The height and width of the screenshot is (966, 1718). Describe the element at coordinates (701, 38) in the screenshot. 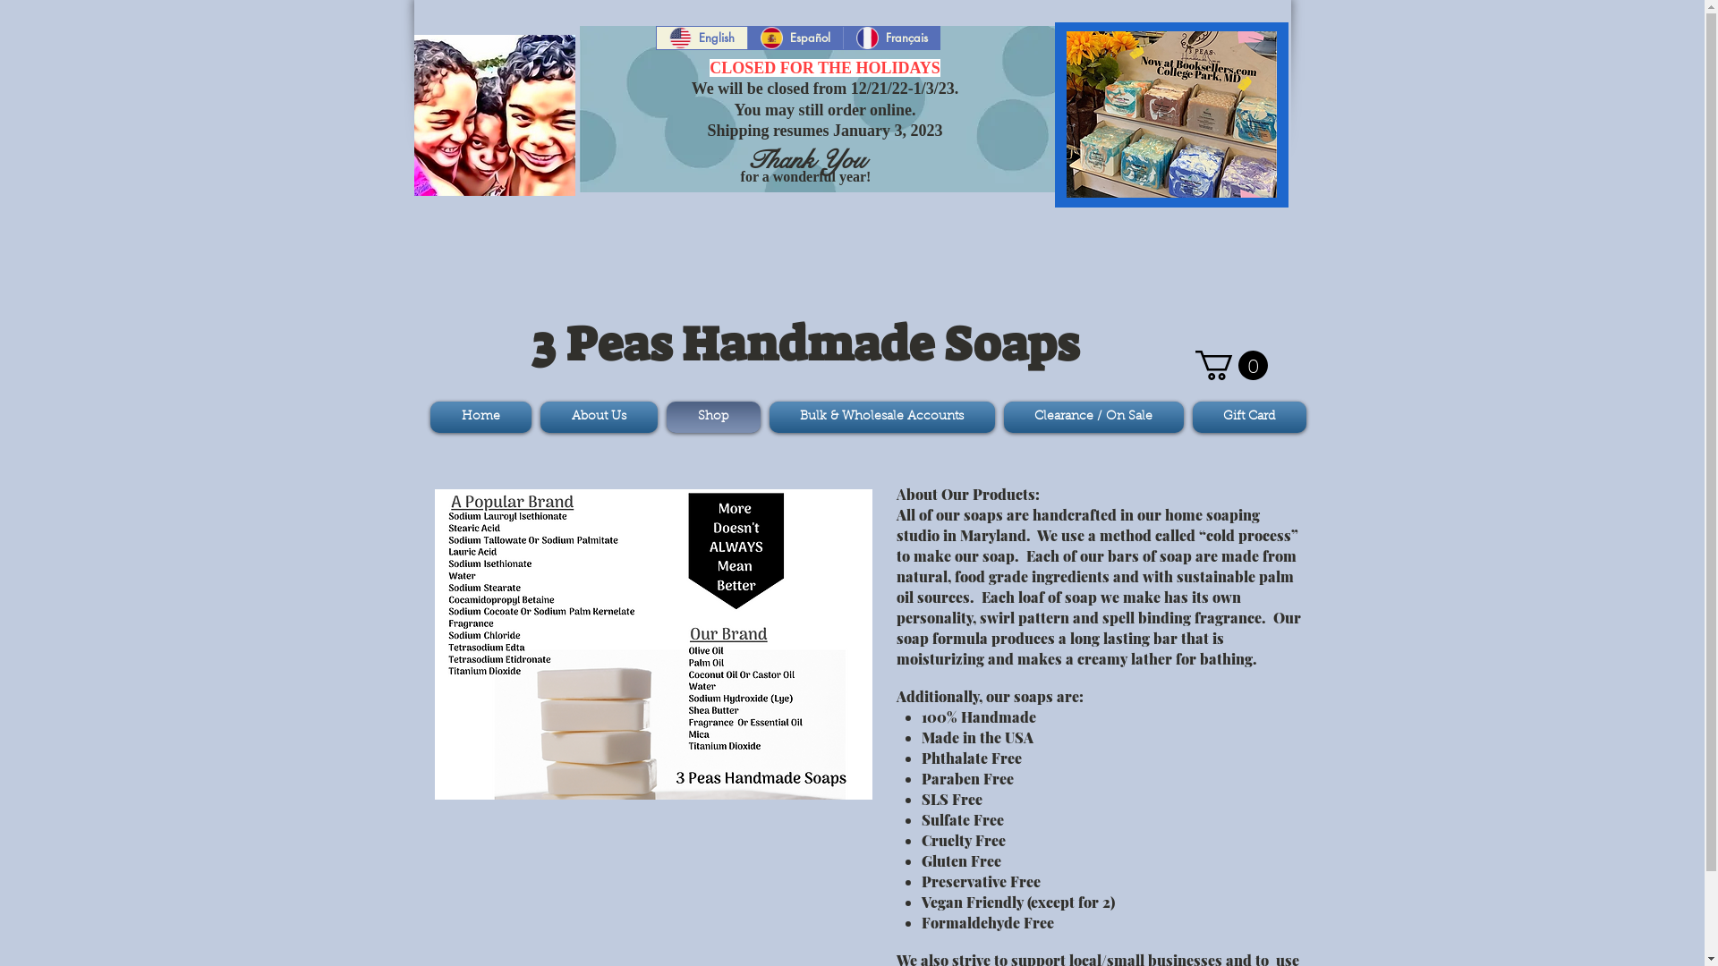

I see `'English'` at that location.